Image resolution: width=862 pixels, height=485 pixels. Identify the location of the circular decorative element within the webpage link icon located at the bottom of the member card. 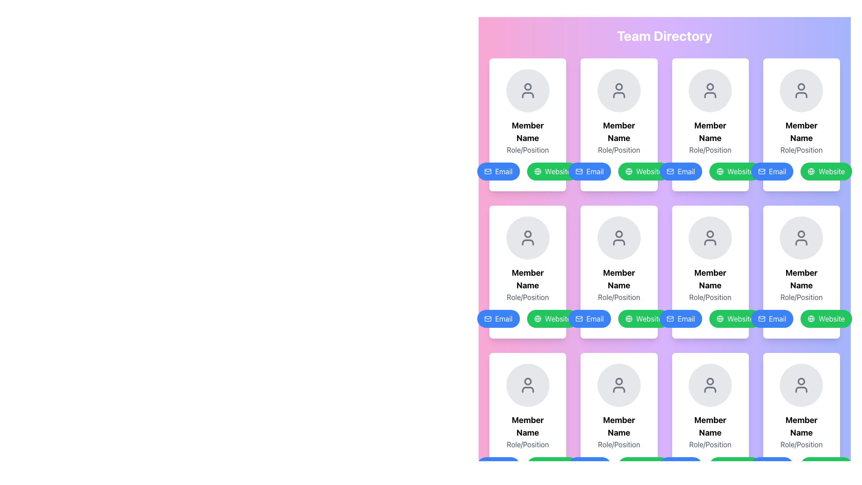
(537, 318).